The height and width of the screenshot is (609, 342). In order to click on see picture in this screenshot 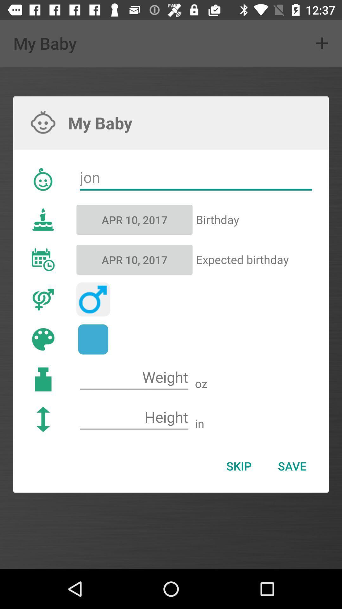, I will do `click(93, 339)`.